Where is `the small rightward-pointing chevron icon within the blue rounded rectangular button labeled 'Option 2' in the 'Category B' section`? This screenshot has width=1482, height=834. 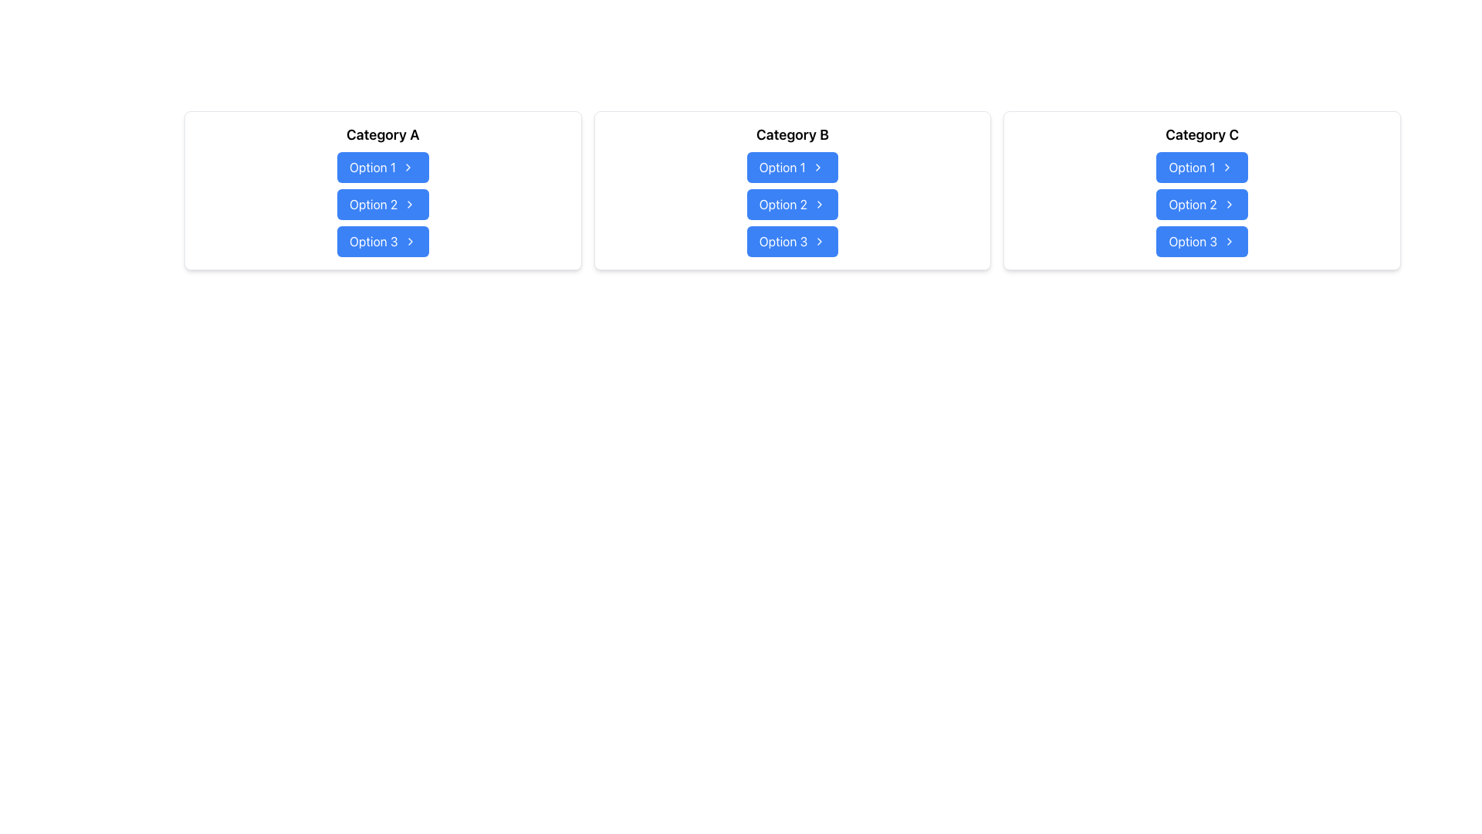
the small rightward-pointing chevron icon within the blue rounded rectangular button labeled 'Option 2' in the 'Category B' section is located at coordinates (818, 204).